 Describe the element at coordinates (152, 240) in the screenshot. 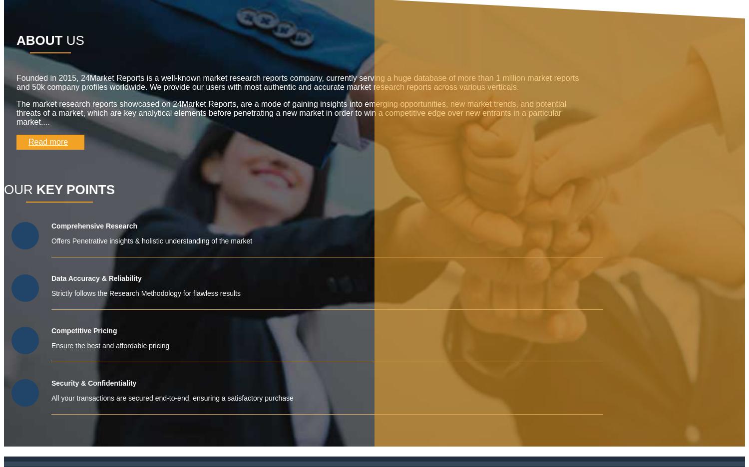

I see `'Offers Penetrative insights & holistic understanding of the market'` at that location.